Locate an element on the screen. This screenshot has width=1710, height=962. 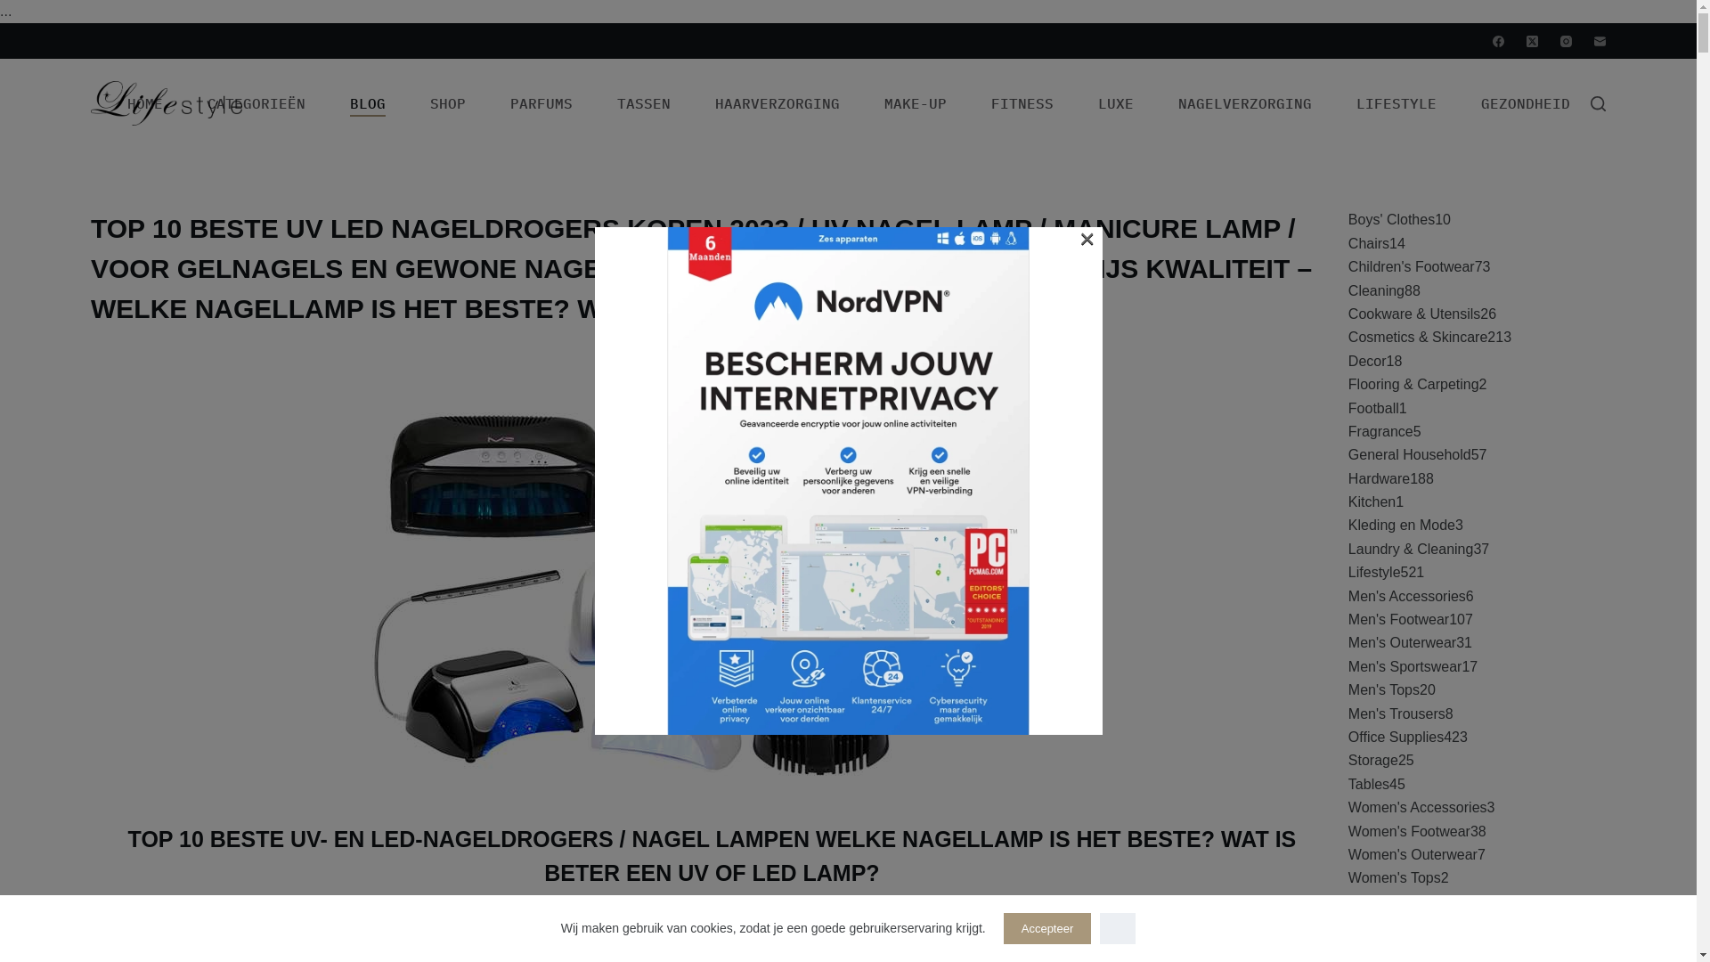
'Cosmetics & Skincare' is located at coordinates (1417, 337).